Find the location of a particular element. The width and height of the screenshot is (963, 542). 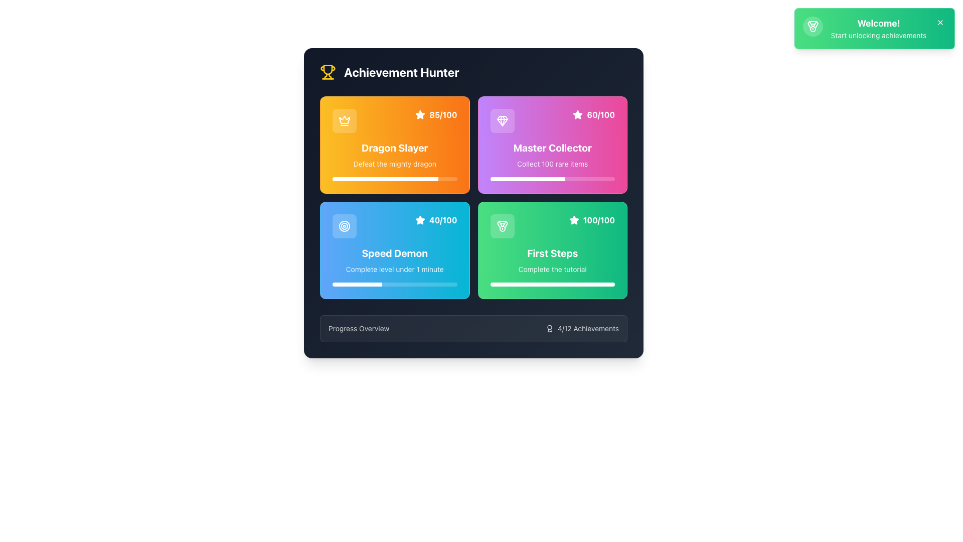

the label-like element that combines a decorative star icon and progress text, located in the top-right corner of the 'Master Collector' card in the upper-right section of a four-card grid layout is located at coordinates (594, 114).